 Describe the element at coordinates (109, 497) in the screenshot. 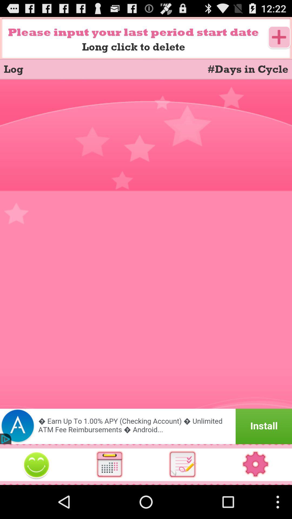

I see `the date_range icon` at that location.